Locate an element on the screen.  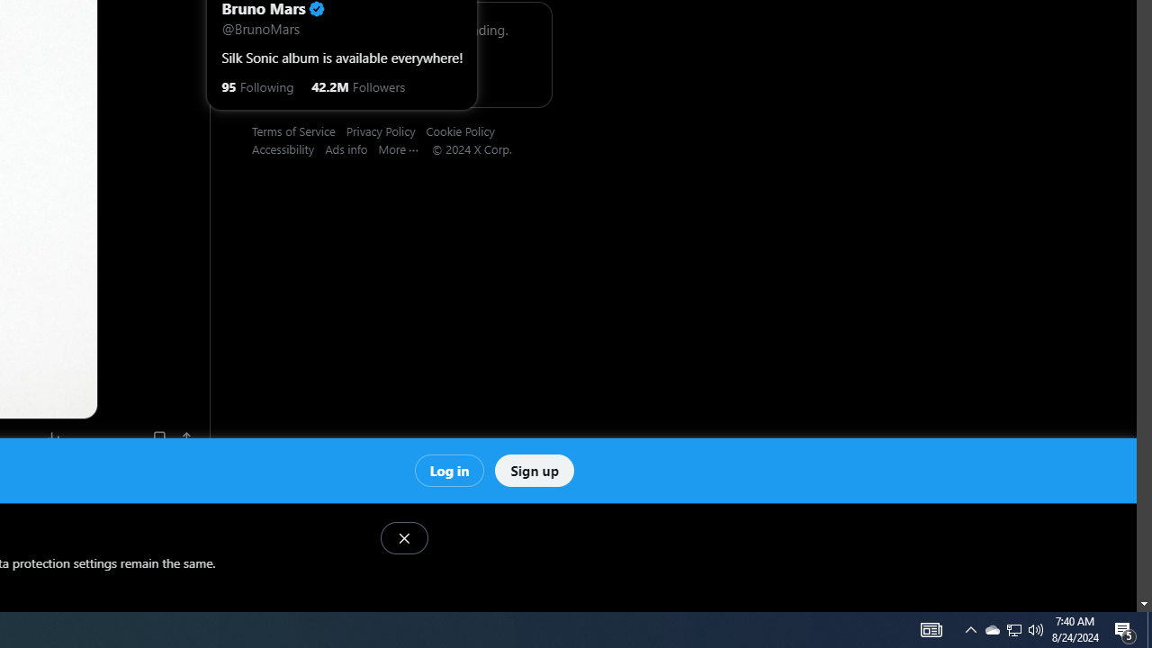
'Bookmark' is located at coordinates (158, 438).